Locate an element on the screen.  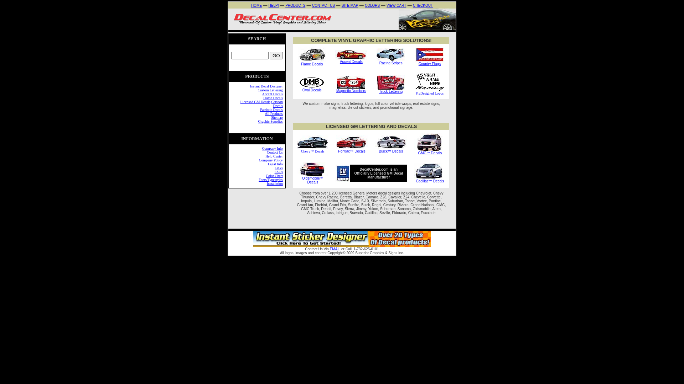
'Patriotic Decals' is located at coordinates (271, 110).